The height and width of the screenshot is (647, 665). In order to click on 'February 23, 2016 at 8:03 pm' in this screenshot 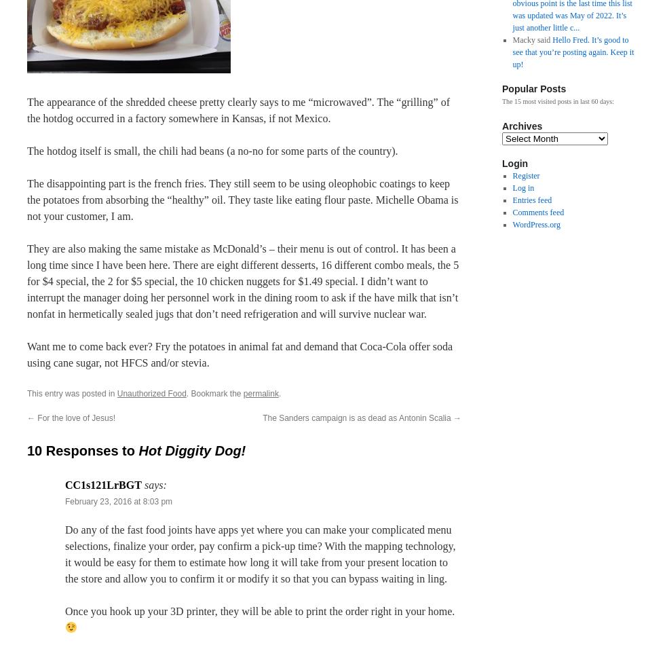, I will do `click(119, 501)`.